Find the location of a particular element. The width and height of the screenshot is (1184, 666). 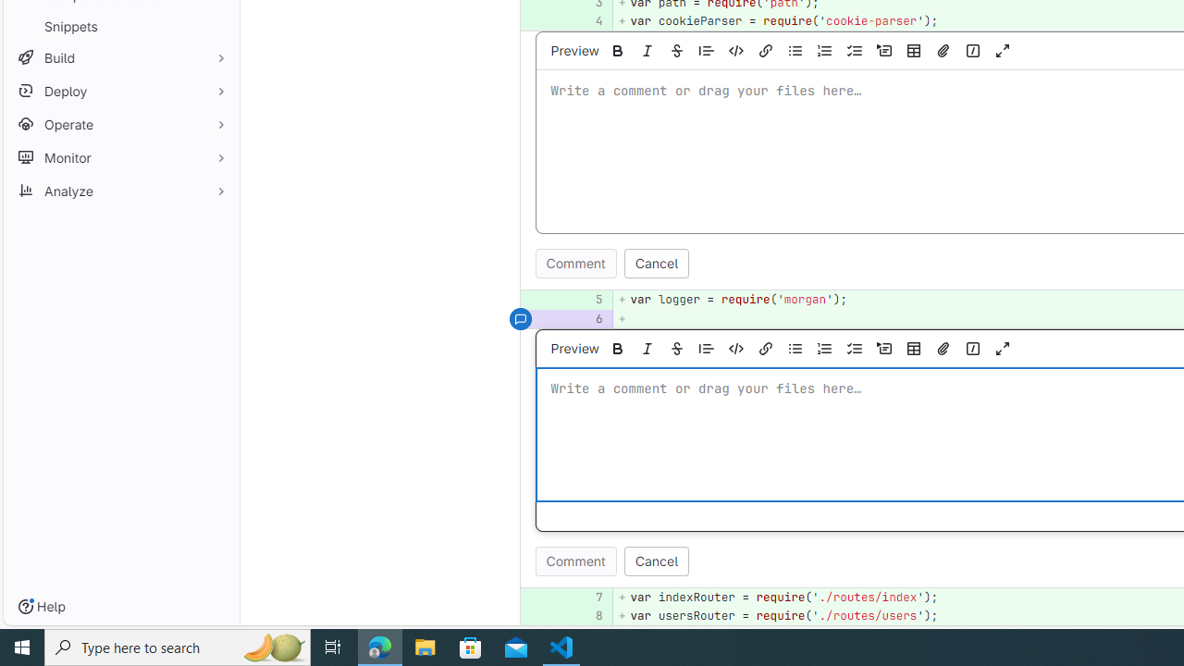

'Deploy' is located at coordinates (120, 91).